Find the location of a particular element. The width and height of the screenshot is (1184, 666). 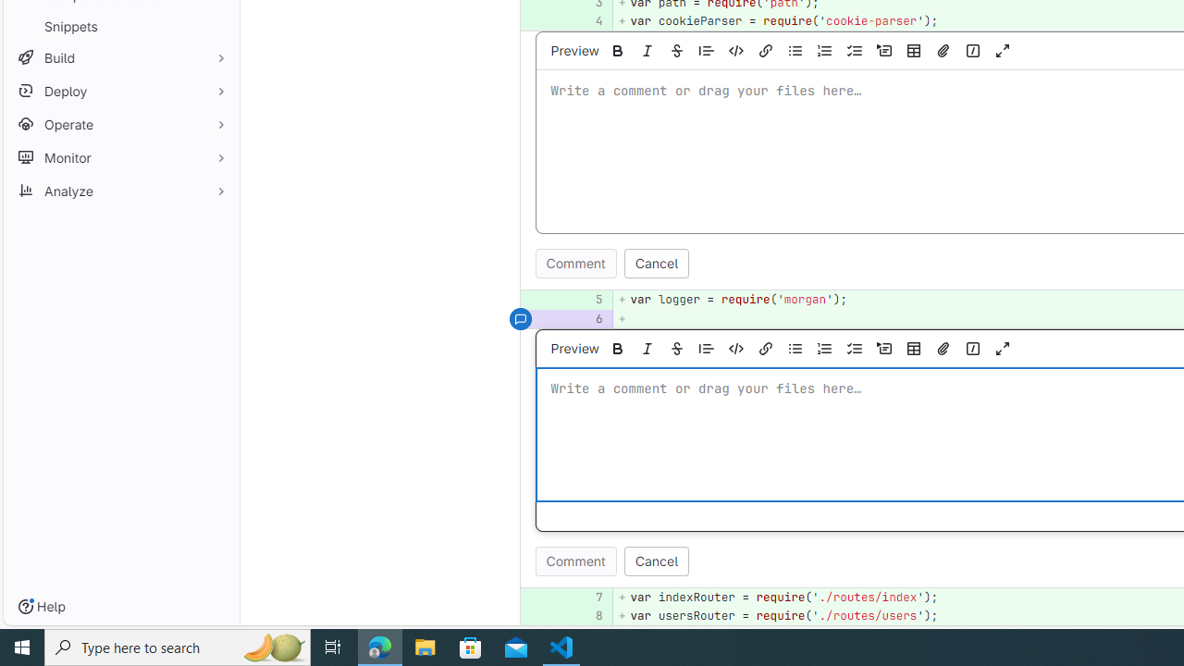

'Deploy' is located at coordinates (120, 91).